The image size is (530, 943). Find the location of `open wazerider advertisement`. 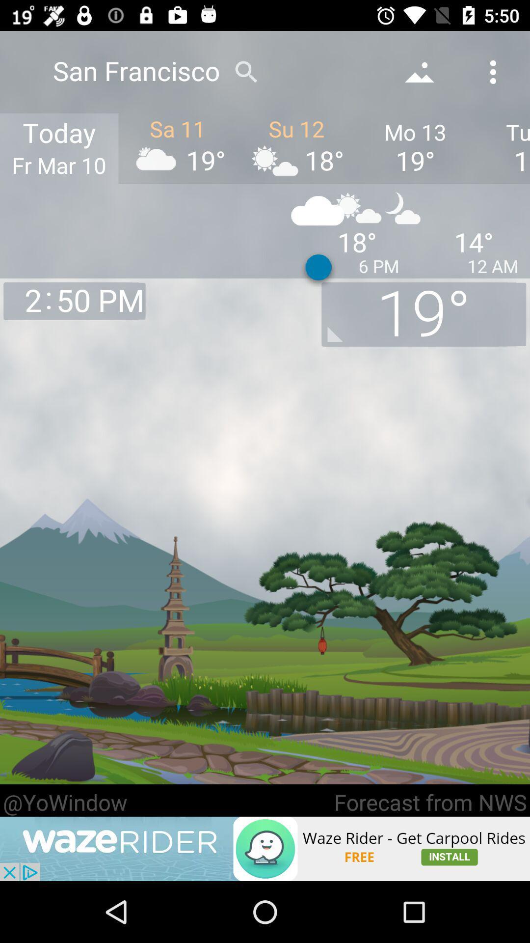

open wazerider advertisement is located at coordinates (265, 848).